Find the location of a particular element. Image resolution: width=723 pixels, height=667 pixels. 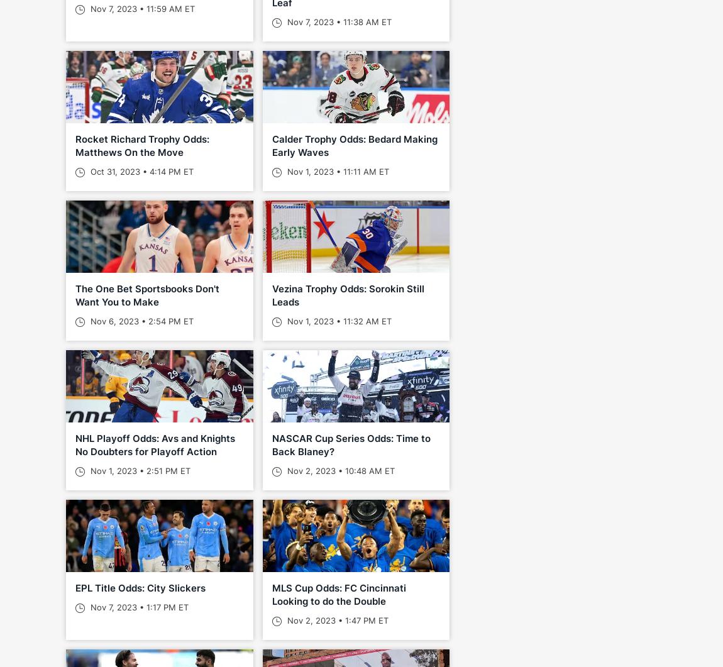

'Nov 2, 2023 • 10:48 AM ET' is located at coordinates (339, 470).